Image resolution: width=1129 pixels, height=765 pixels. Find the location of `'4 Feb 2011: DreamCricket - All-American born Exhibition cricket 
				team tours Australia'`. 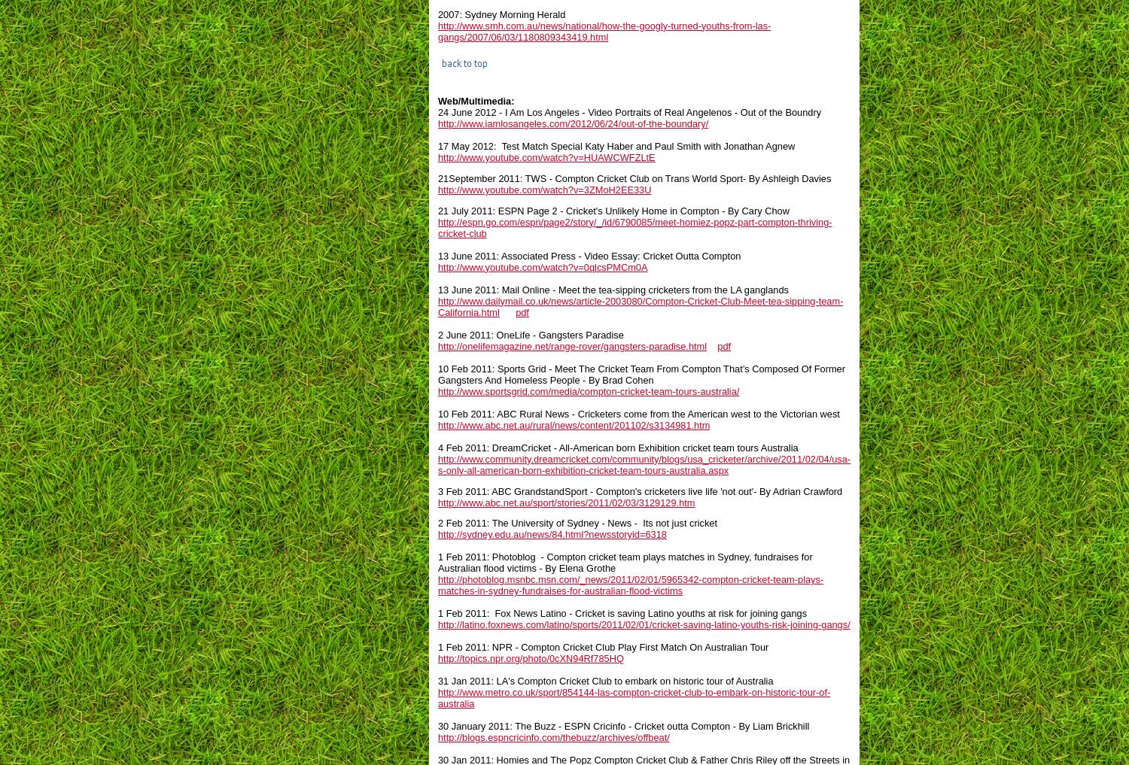

'4 Feb 2011: DreamCricket - All-American born Exhibition cricket 
				team tours Australia' is located at coordinates (437, 446).